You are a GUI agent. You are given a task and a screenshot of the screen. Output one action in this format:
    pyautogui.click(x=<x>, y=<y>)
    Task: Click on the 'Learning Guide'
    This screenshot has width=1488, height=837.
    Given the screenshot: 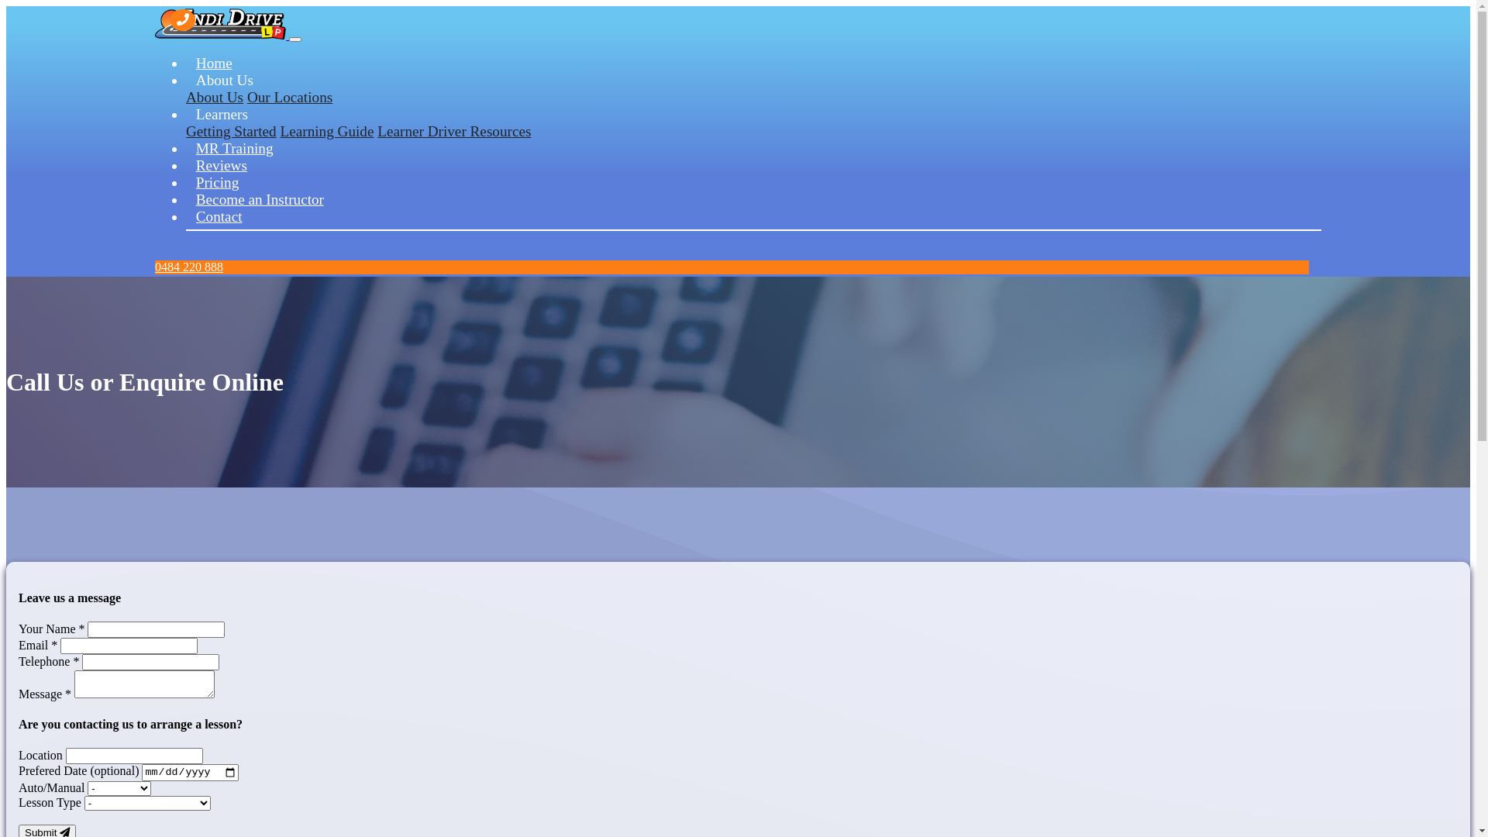 What is the action you would take?
    pyautogui.click(x=326, y=130)
    